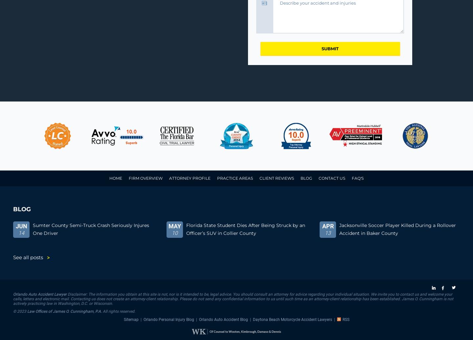  I want to click on 'Orlando Personal Injury Blog', so click(168, 319).